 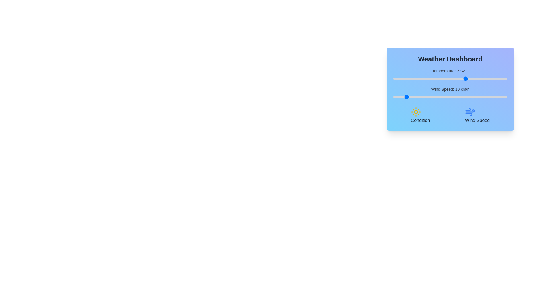 What do you see at coordinates (421, 79) in the screenshot?
I see `the temperature slider to set the temperature to 2°C` at bounding box center [421, 79].